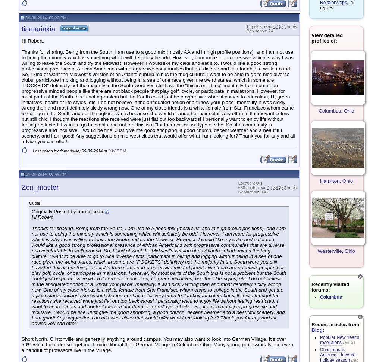  I want to click on 'Columbus, Ohio', so click(318, 110).